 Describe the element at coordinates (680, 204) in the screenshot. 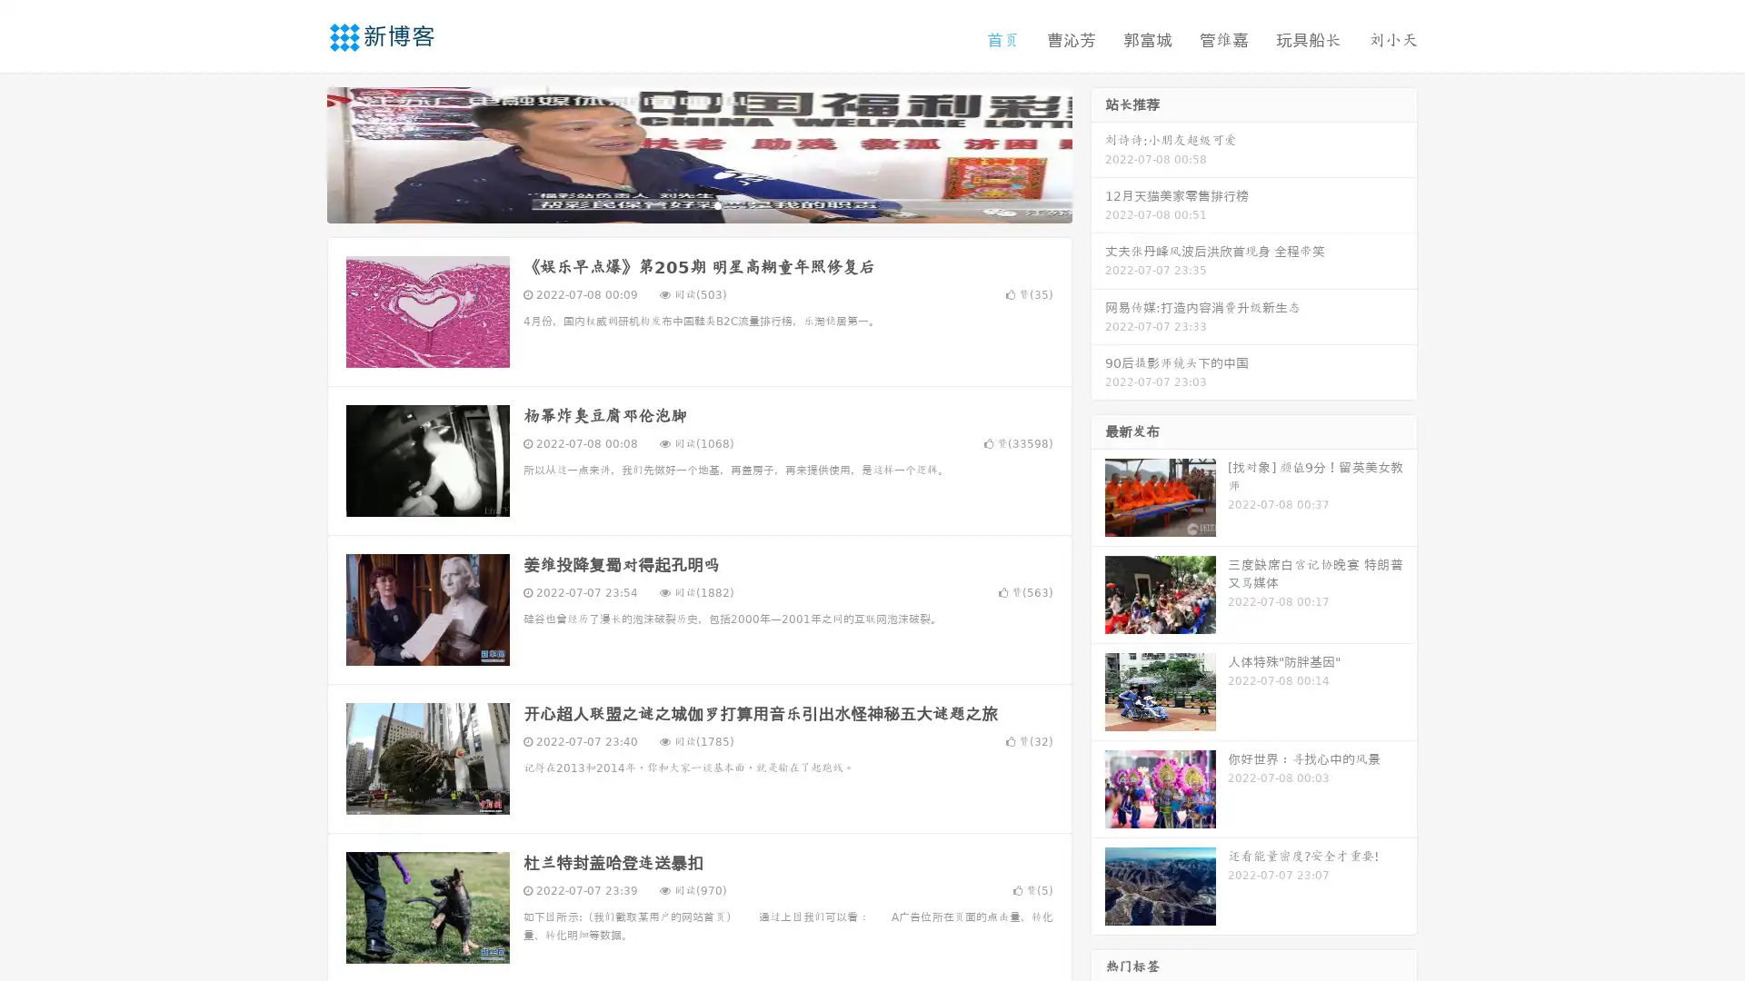

I see `Go to slide 1` at that location.